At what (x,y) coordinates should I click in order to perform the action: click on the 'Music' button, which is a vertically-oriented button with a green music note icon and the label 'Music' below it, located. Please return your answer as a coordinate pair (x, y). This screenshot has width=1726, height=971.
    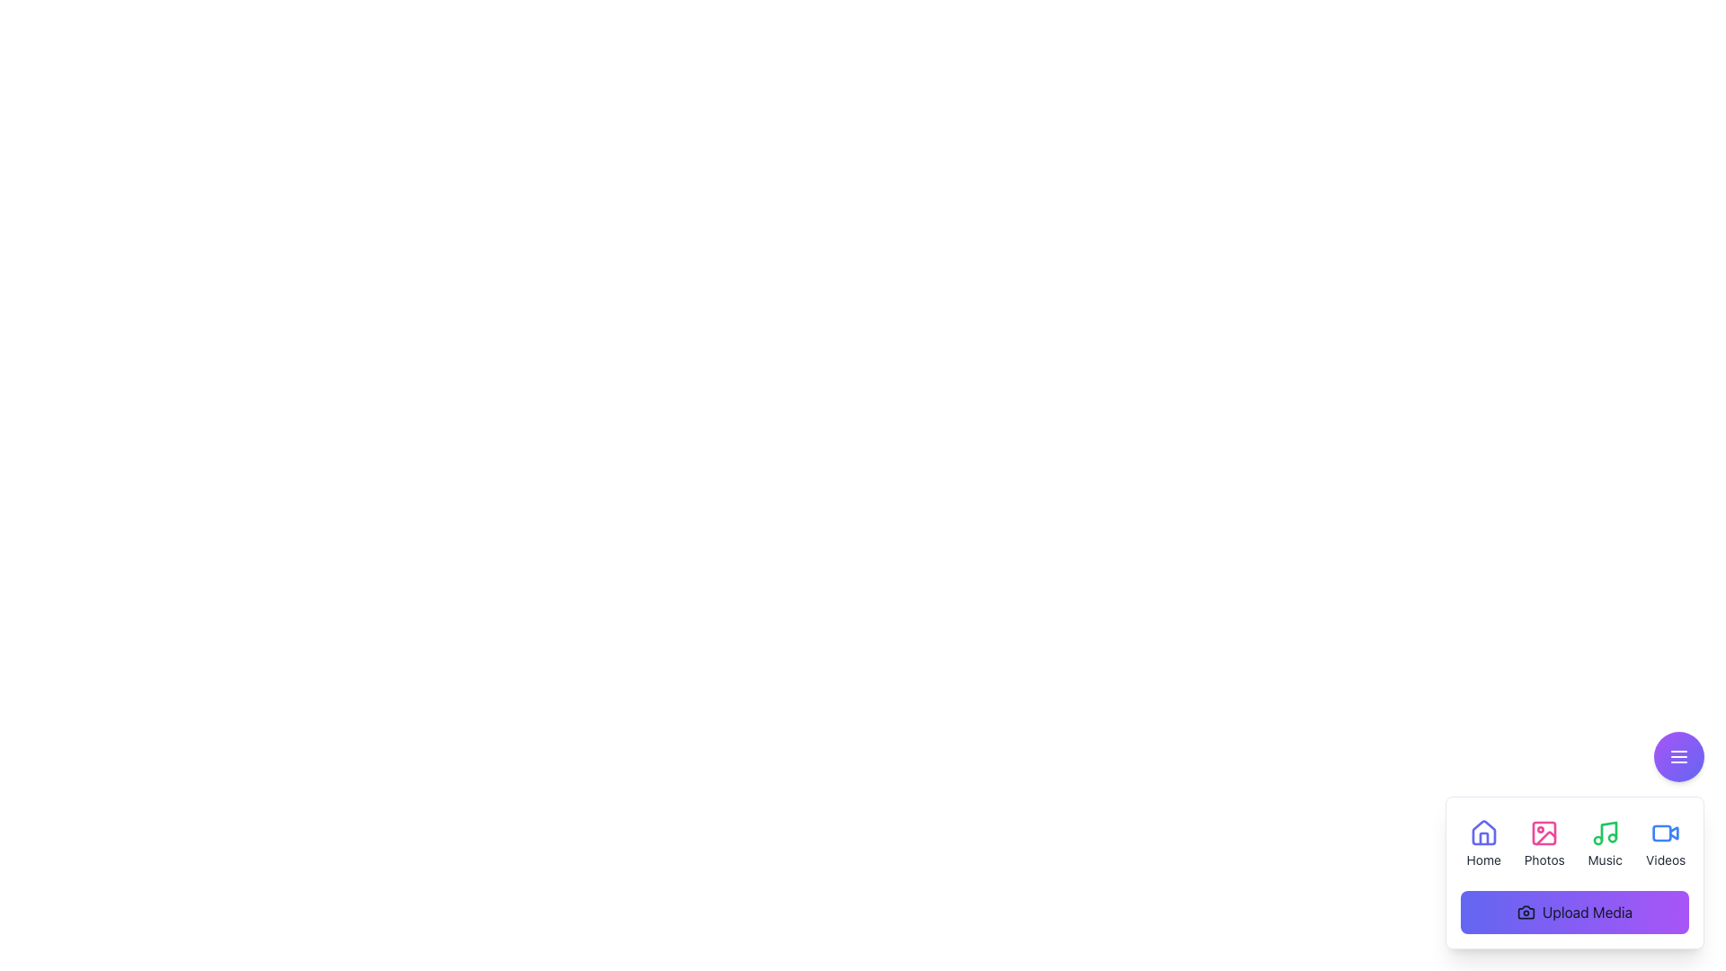
    Looking at the image, I should click on (1605, 843).